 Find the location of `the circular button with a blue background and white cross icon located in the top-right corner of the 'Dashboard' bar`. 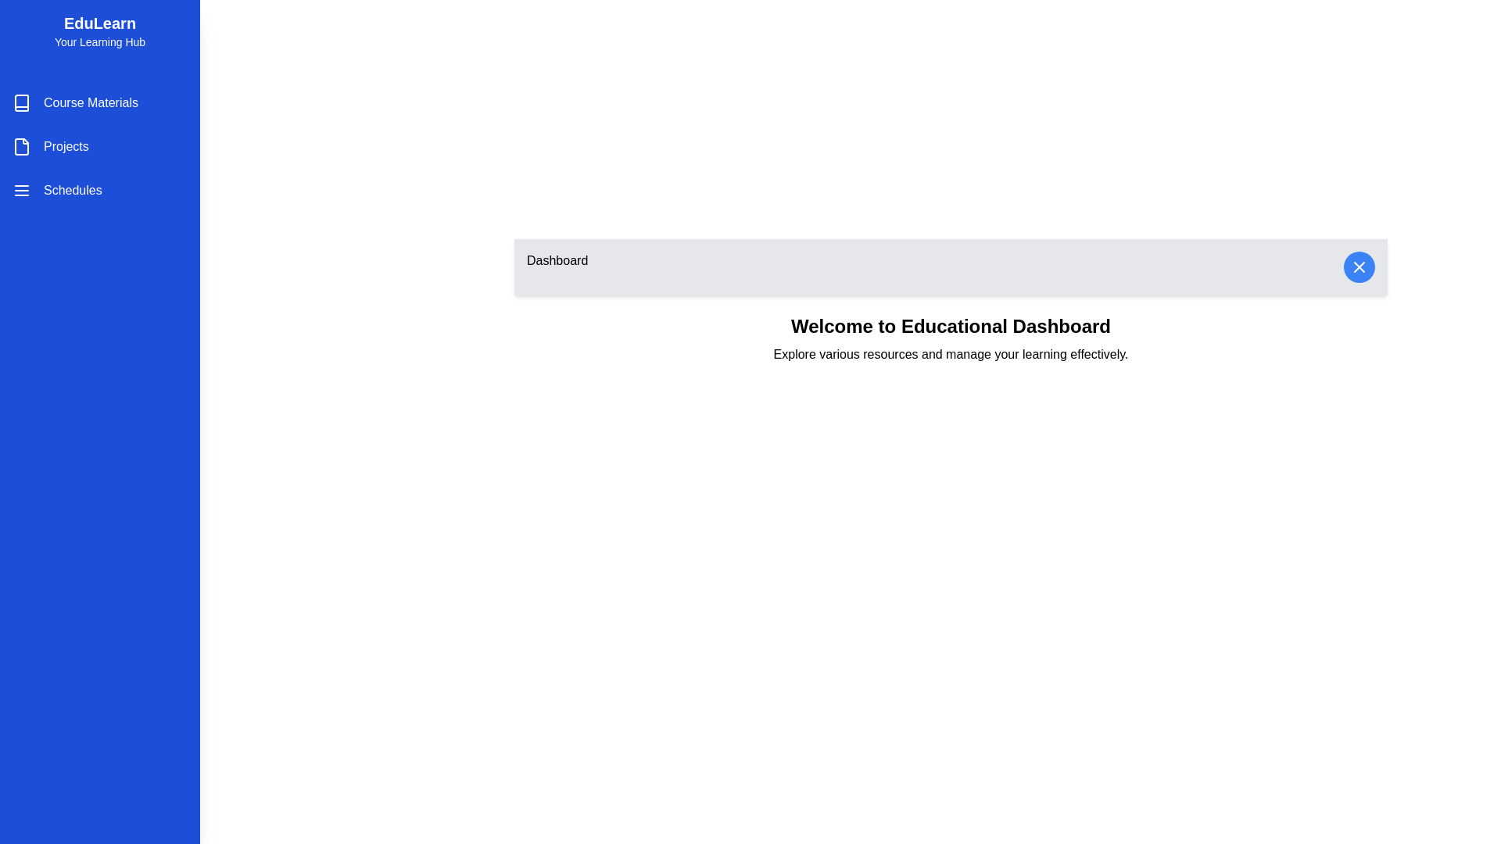

the circular button with a blue background and white cross icon located in the top-right corner of the 'Dashboard' bar is located at coordinates (1358, 266).